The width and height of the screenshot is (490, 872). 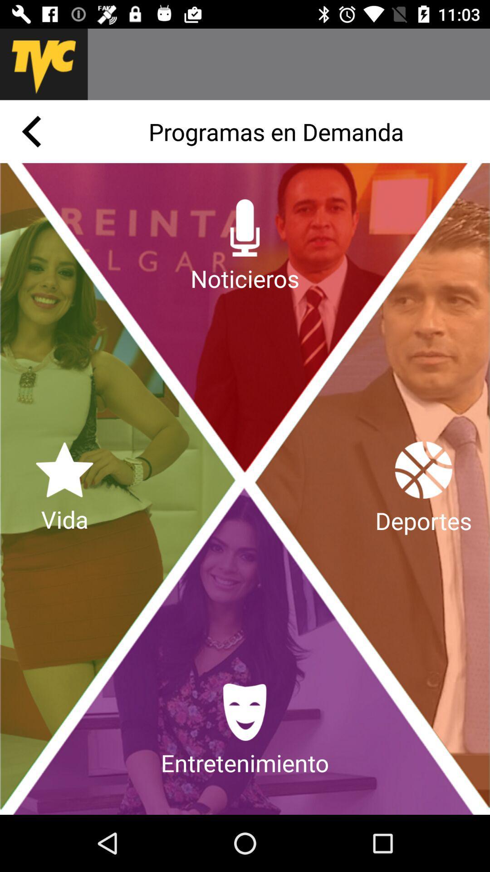 I want to click on the icon on the right, so click(x=423, y=488).